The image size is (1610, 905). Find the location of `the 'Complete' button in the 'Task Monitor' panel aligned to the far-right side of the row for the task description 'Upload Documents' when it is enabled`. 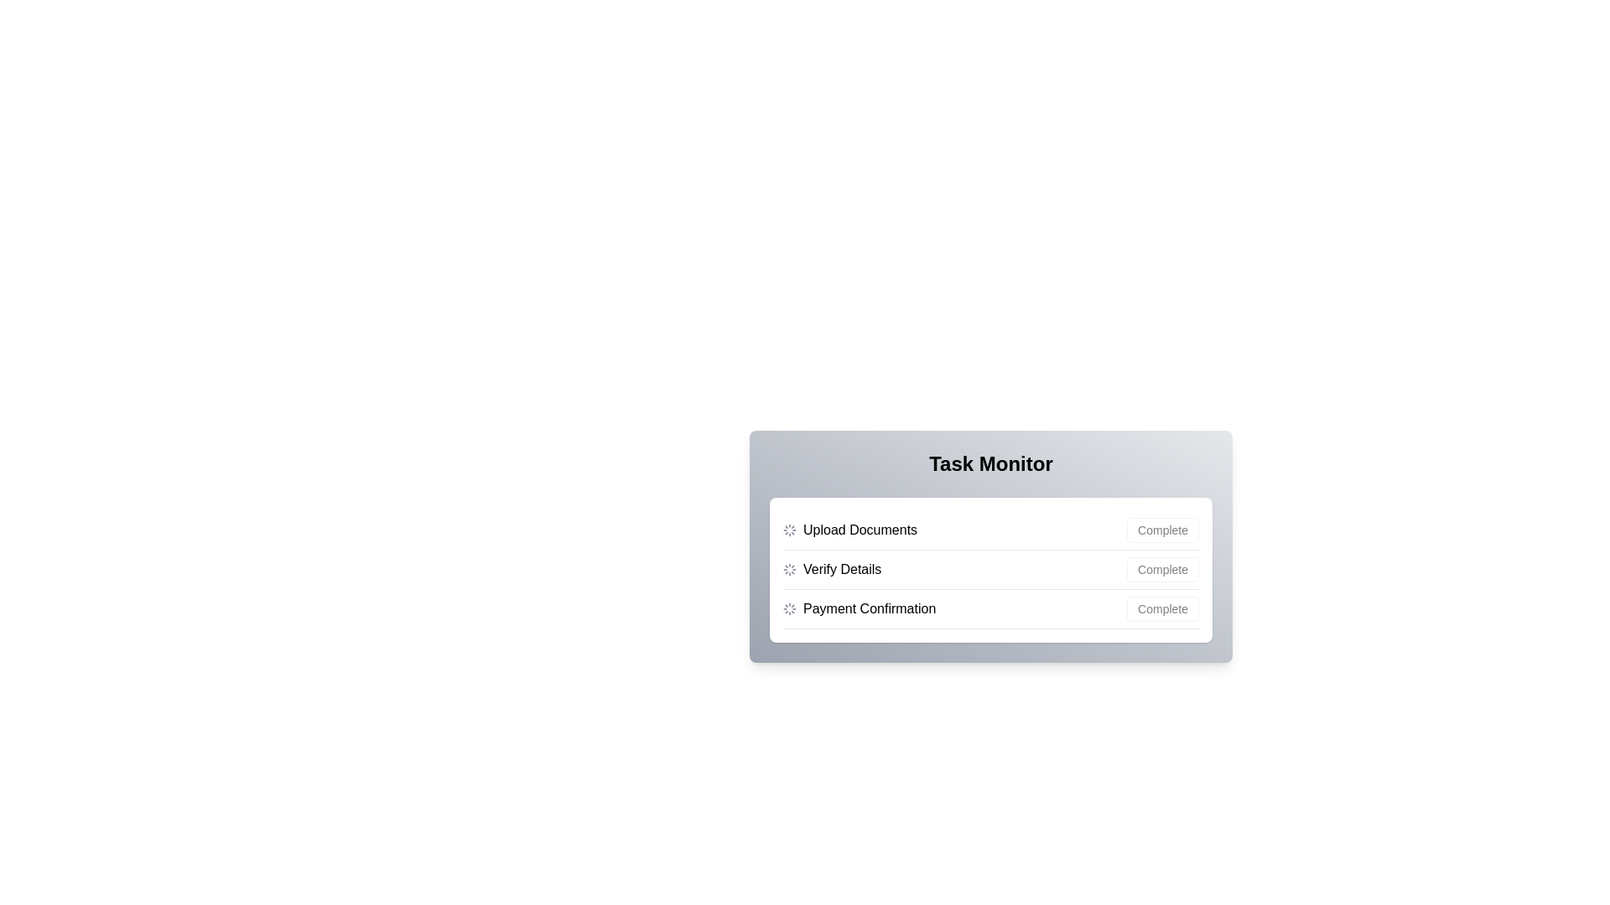

the 'Complete' button in the 'Task Monitor' panel aligned to the far-right side of the row for the task description 'Upload Documents' when it is enabled is located at coordinates (1162, 530).